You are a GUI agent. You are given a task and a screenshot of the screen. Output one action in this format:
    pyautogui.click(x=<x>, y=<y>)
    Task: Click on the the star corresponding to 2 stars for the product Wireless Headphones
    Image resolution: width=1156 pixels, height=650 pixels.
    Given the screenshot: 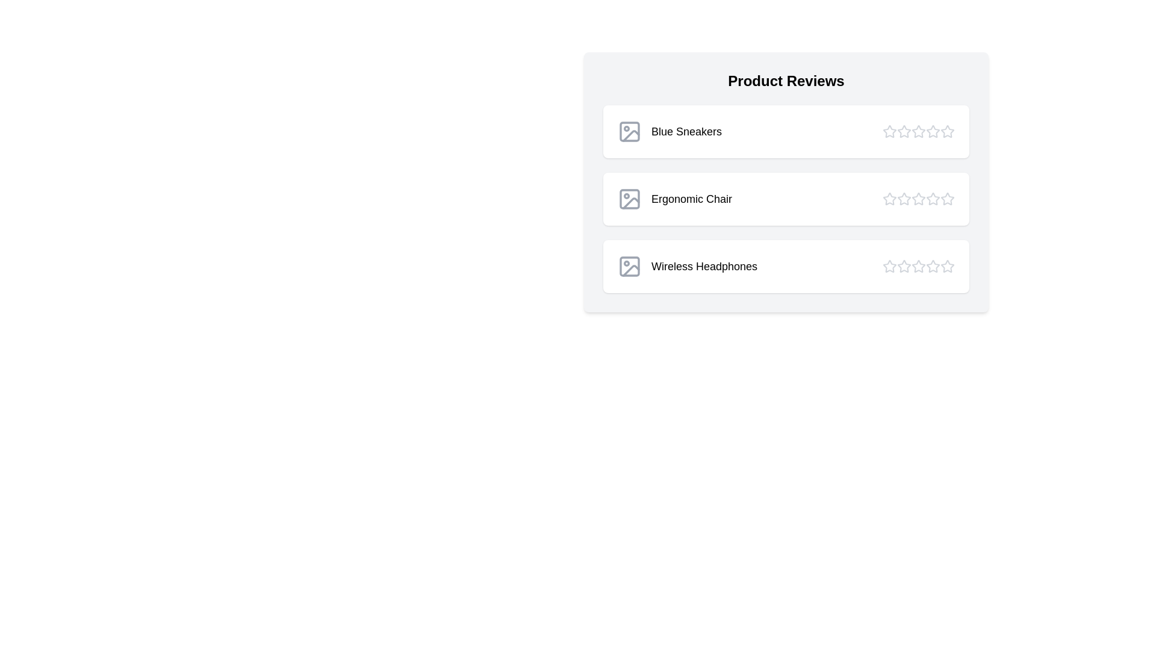 What is the action you would take?
    pyautogui.click(x=904, y=266)
    